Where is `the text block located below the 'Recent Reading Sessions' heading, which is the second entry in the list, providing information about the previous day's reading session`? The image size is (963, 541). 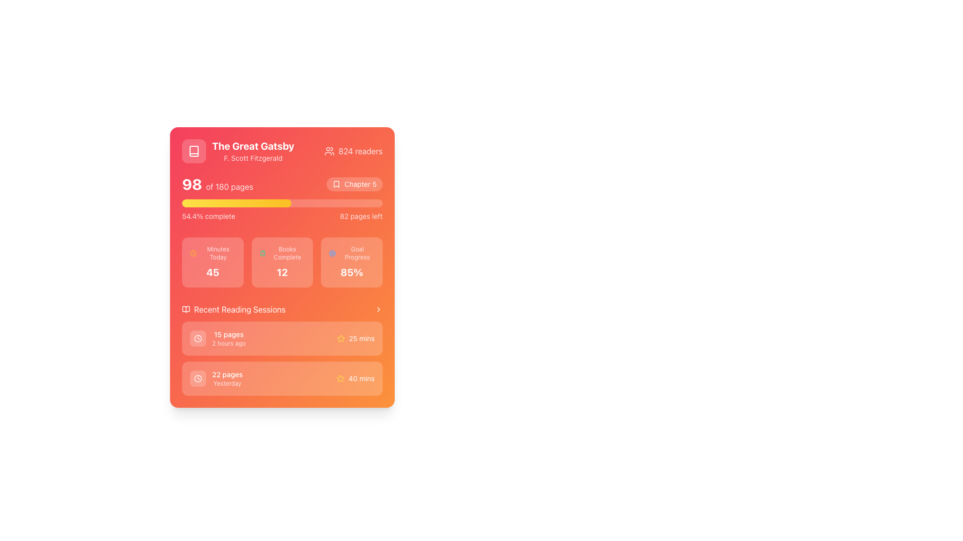
the text block located below the 'Recent Reading Sessions' heading, which is the second entry in the list, providing information about the previous day's reading session is located at coordinates (227, 379).